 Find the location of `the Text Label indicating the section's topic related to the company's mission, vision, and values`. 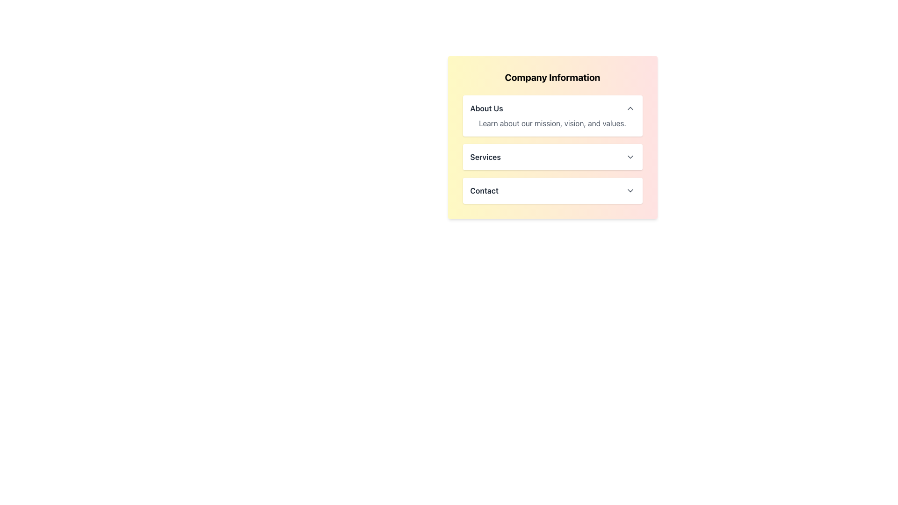

the Text Label indicating the section's topic related to the company's mission, vision, and values is located at coordinates (486, 108).